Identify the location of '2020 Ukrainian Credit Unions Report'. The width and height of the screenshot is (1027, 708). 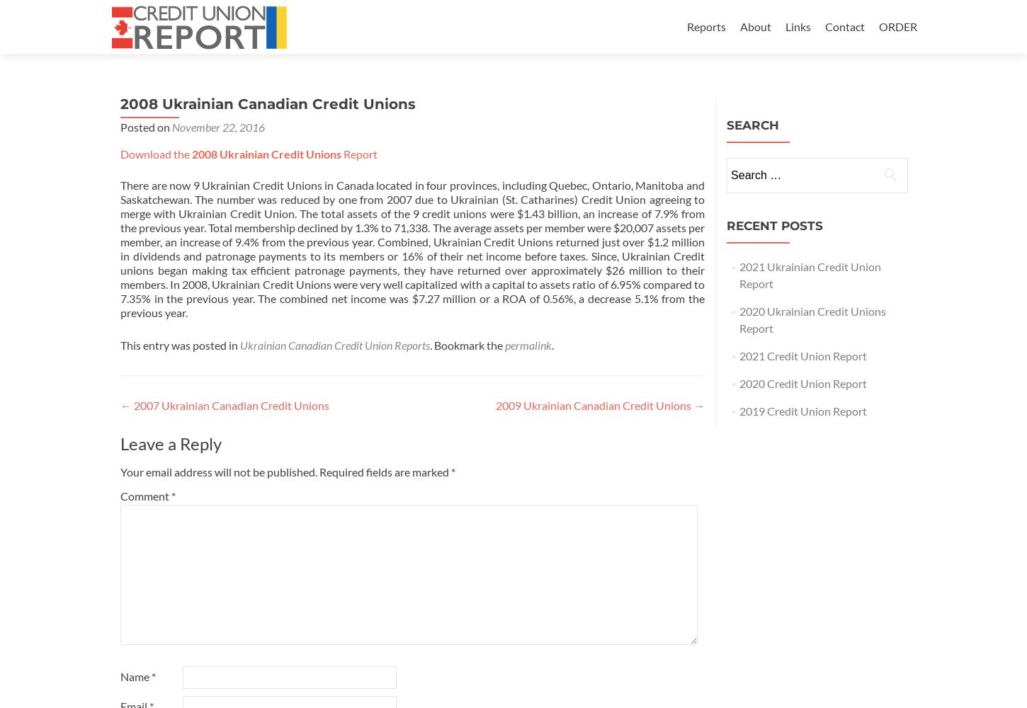
(811, 319).